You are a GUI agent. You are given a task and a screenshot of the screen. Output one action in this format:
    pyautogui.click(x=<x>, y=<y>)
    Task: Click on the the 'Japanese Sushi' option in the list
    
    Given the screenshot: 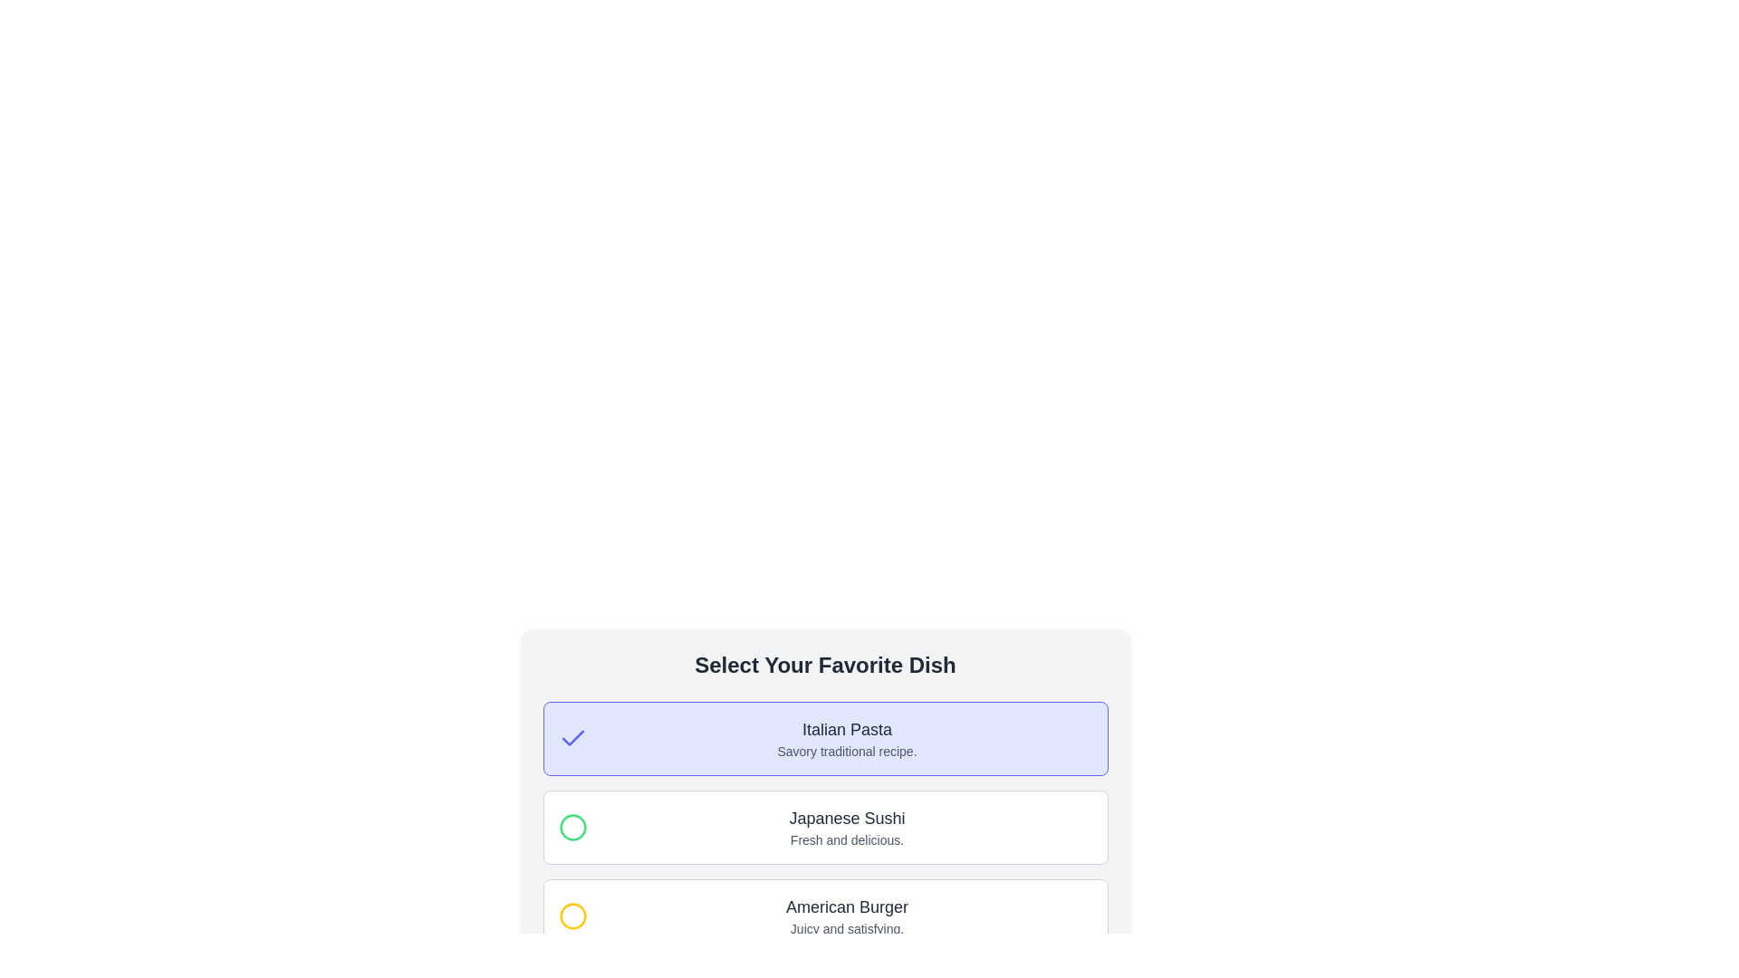 What is the action you would take?
    pyautogui.click(x=824, y=828)
    